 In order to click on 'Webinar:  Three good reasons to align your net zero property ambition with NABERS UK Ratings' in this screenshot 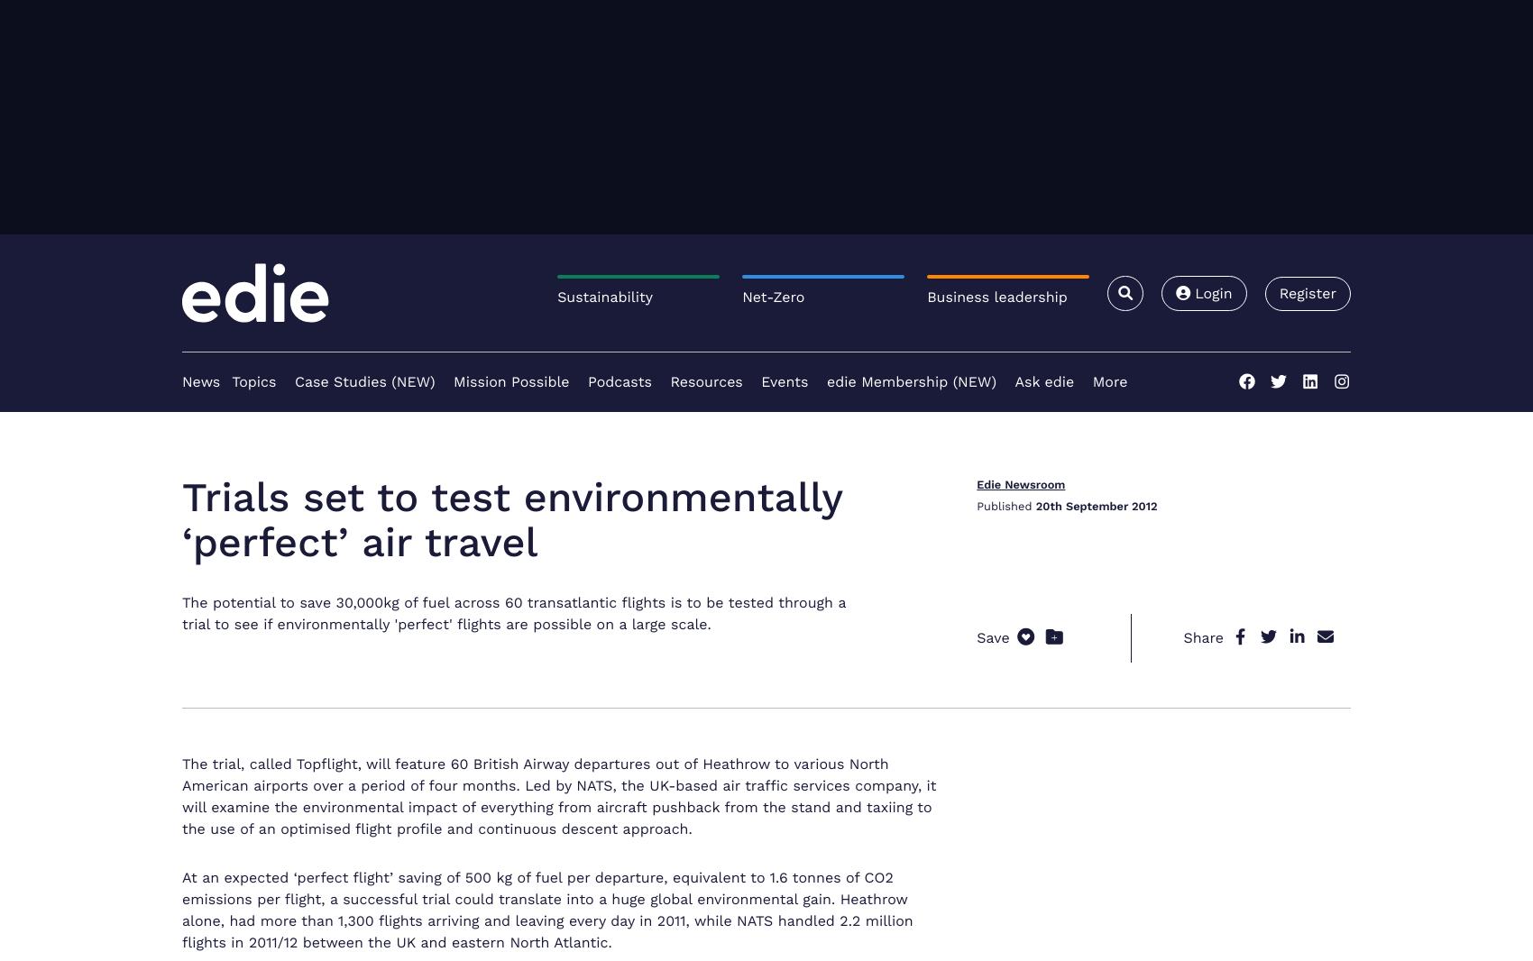, I will do `click(1160, 685)`.